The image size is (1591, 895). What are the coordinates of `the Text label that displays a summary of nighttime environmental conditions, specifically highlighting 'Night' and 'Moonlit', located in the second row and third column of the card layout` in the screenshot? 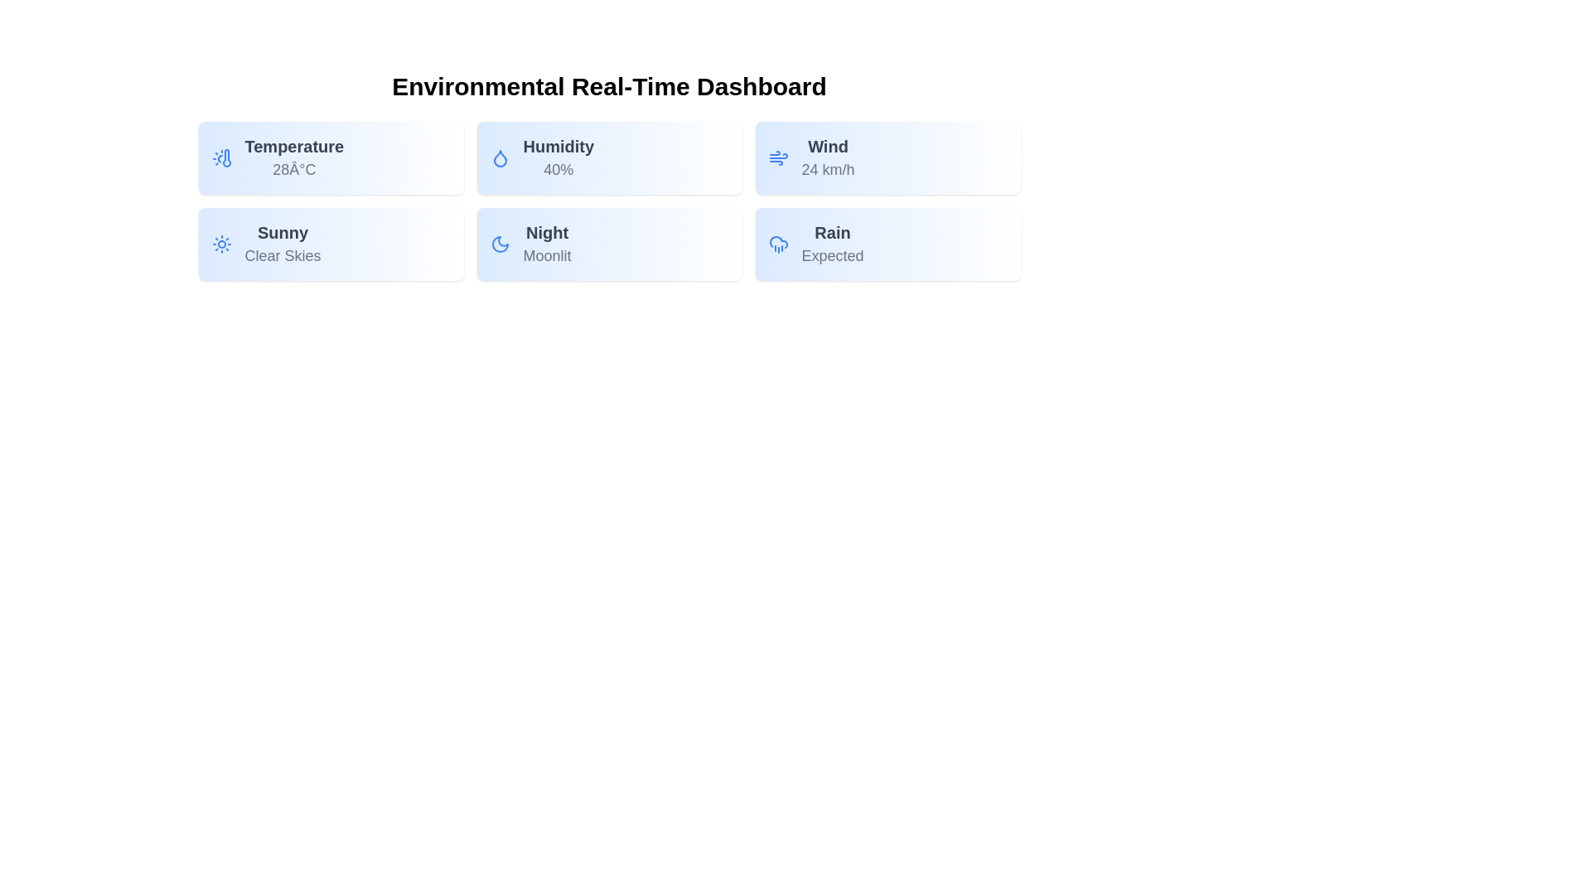 It's located at (547, 244).